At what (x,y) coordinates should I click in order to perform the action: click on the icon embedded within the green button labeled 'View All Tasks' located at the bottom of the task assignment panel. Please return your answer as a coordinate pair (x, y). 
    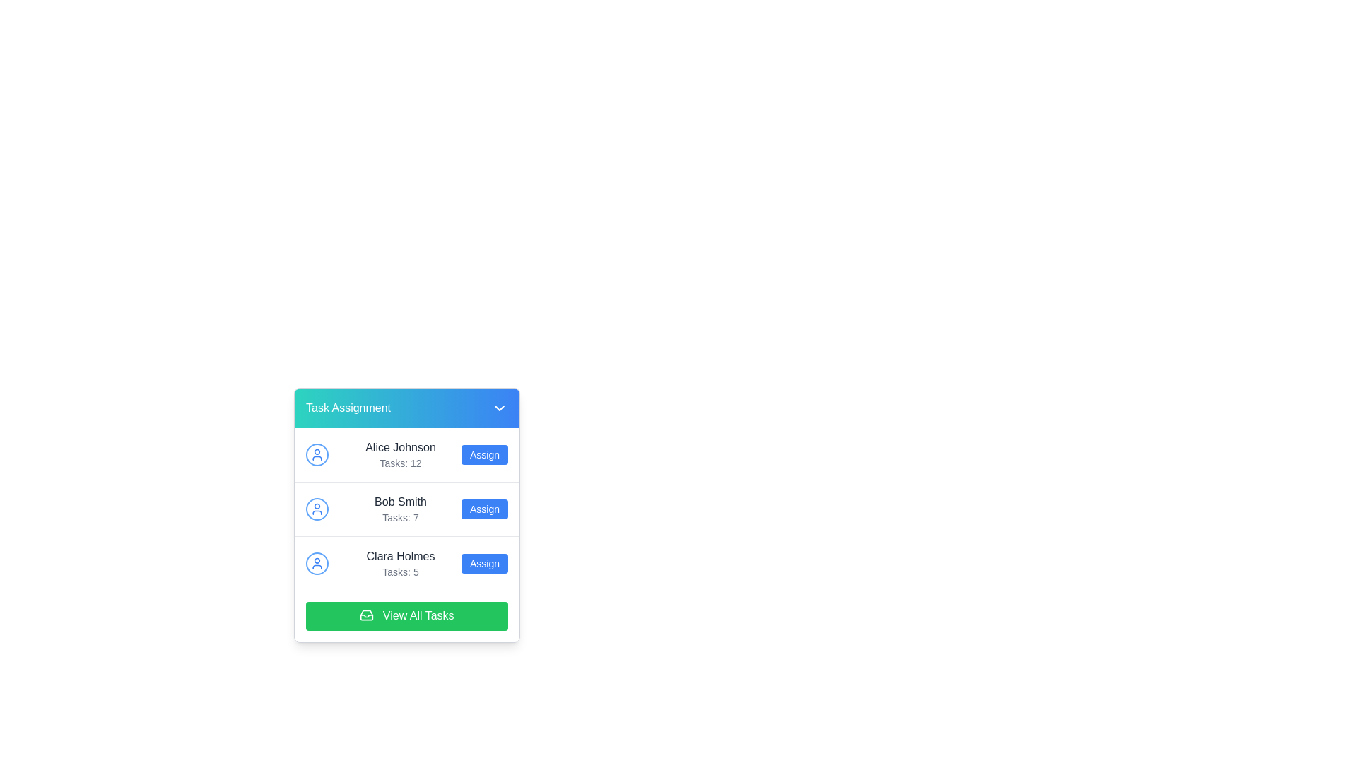
    Looking at the image, I should click on (367, 614).